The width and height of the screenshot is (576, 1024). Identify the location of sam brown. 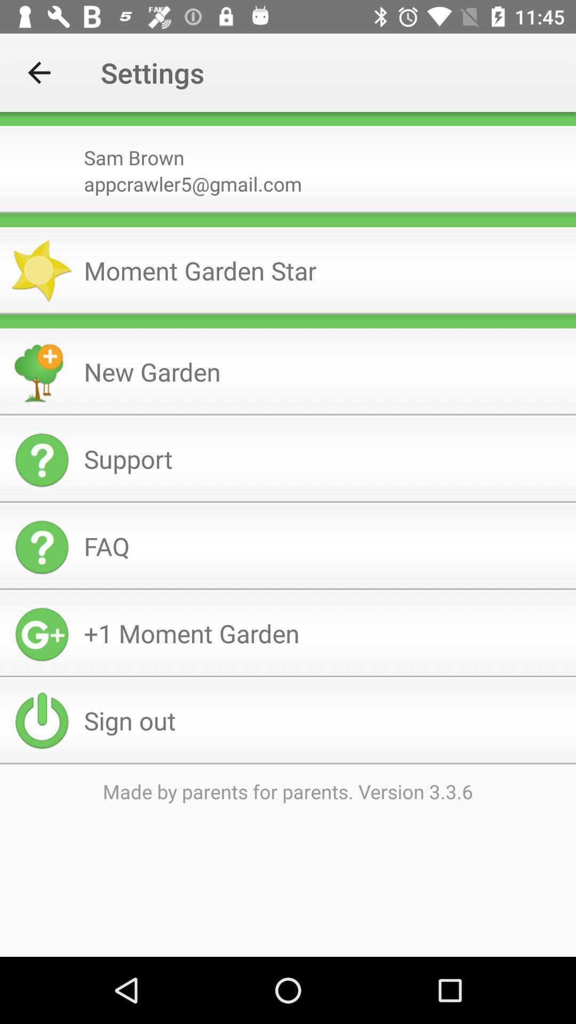
(325, 153).